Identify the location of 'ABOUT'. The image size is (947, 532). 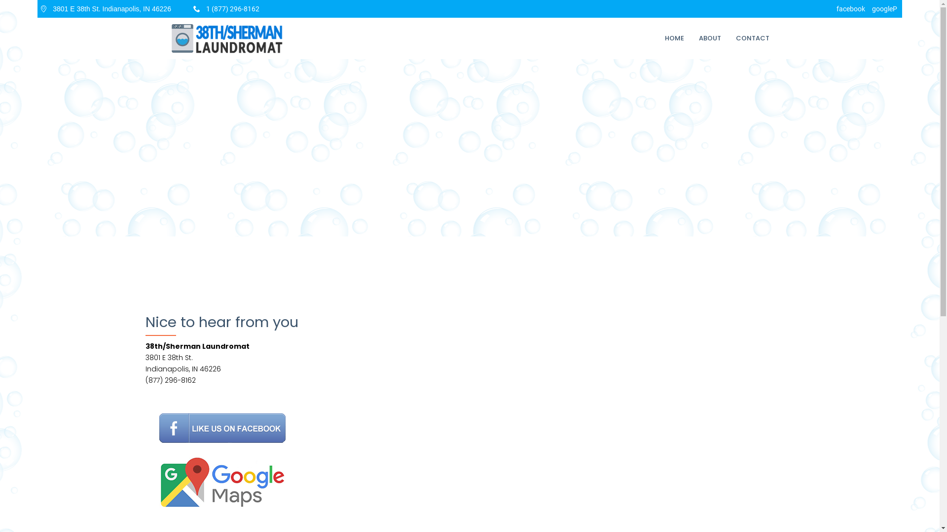
(709, 37).